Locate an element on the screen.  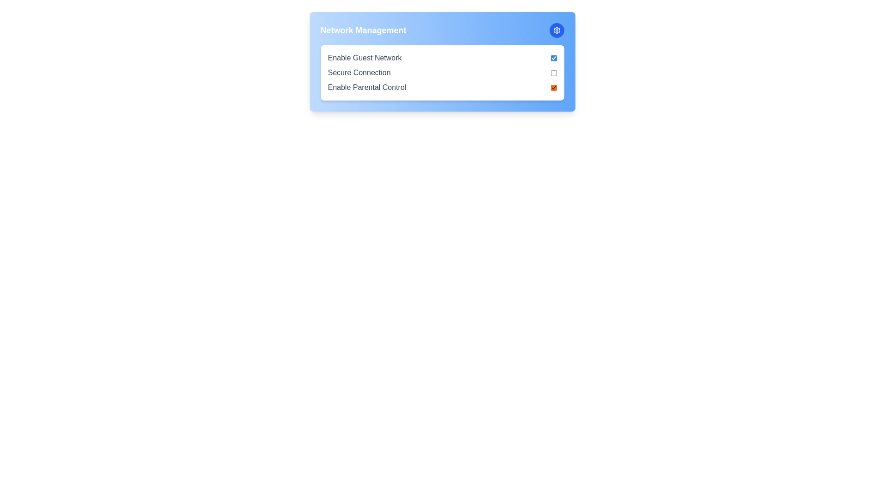
the settings icon, which is a gear styled within a blue circular button located at the top-right corner of the 'Network Management' section is located at coordinates (556, 30).